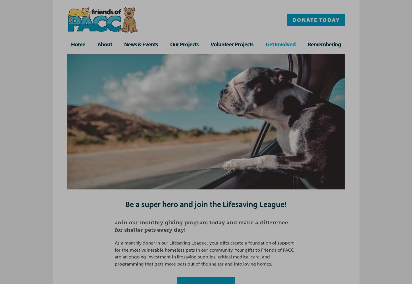 This screenshot has width=412, height=284. I want to click on 'Remembering', so click(307, 44).